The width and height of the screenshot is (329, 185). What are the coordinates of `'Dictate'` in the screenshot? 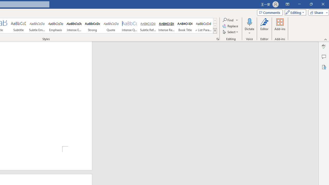 It's located at (249, 22).